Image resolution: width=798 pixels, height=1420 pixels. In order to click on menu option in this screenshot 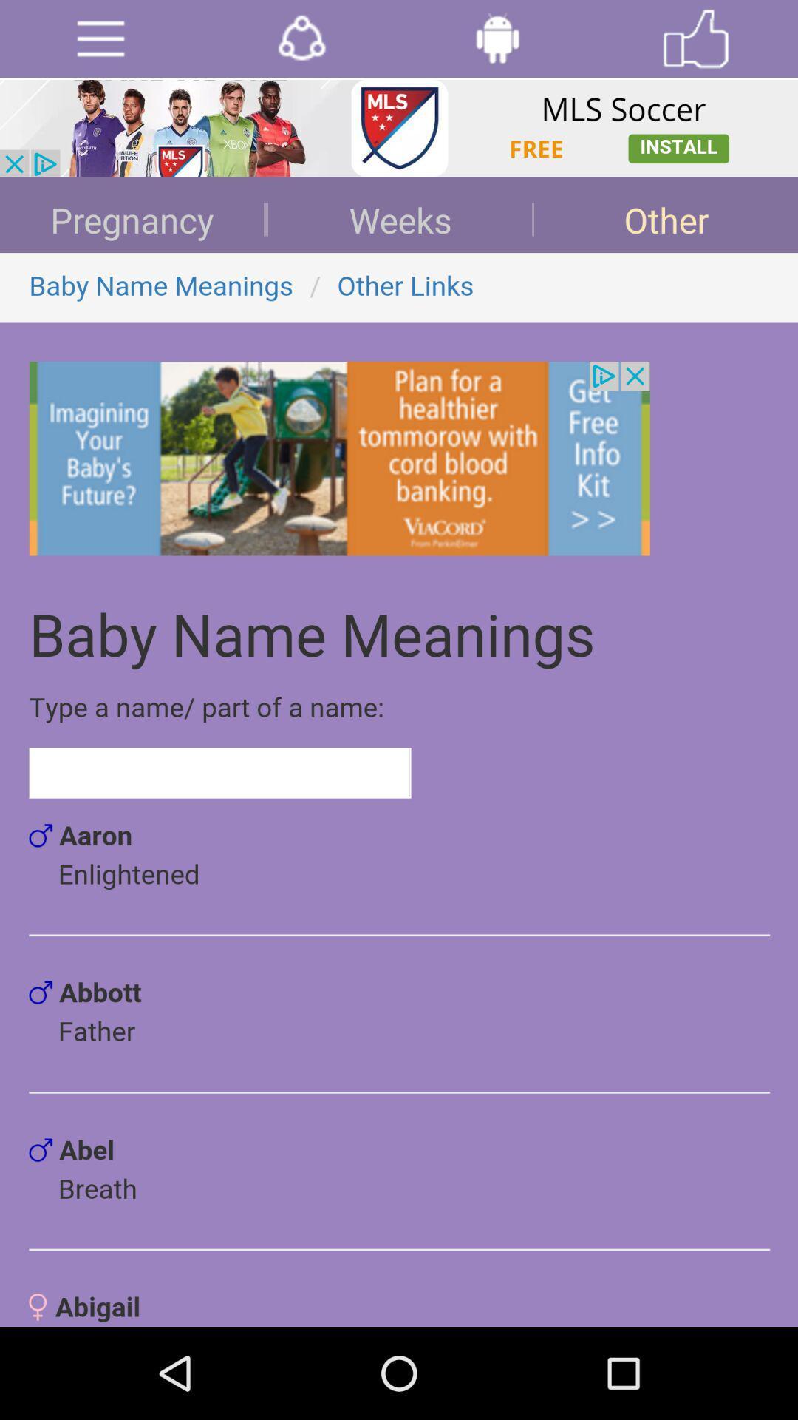, I will do `click(100, 38)`.